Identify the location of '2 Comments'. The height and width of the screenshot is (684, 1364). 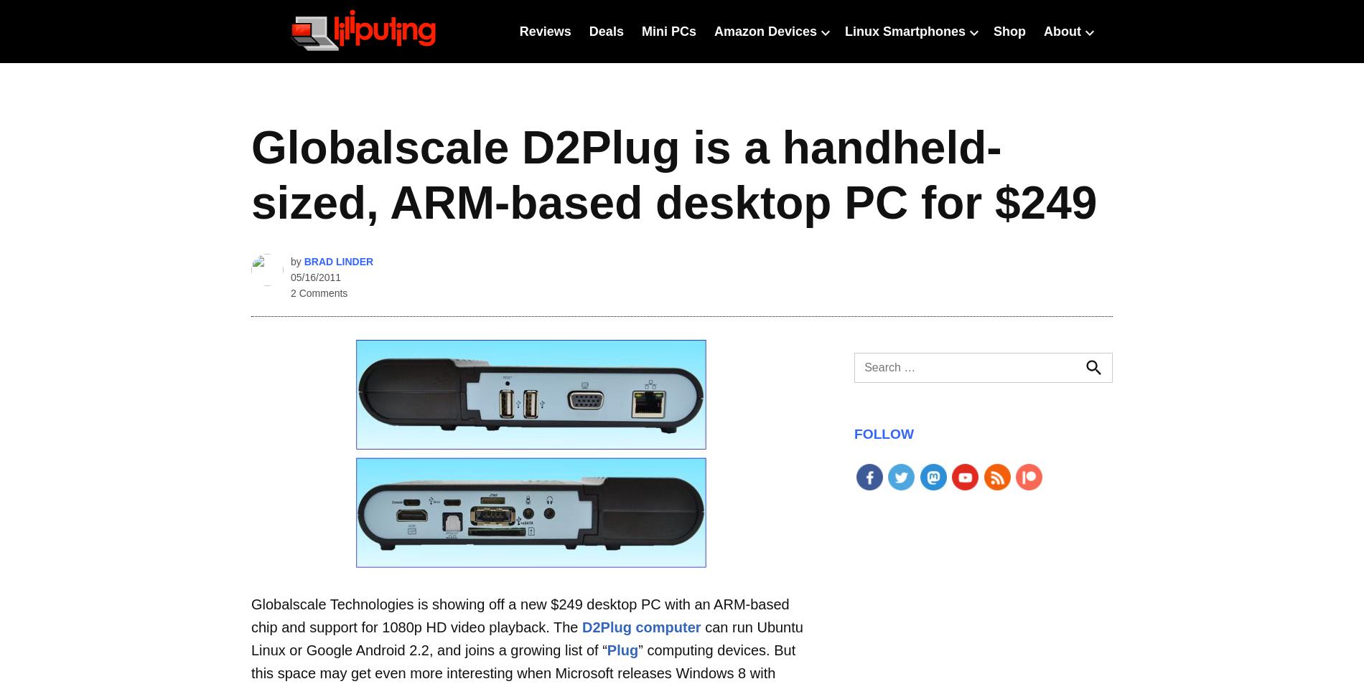
(318, 293).